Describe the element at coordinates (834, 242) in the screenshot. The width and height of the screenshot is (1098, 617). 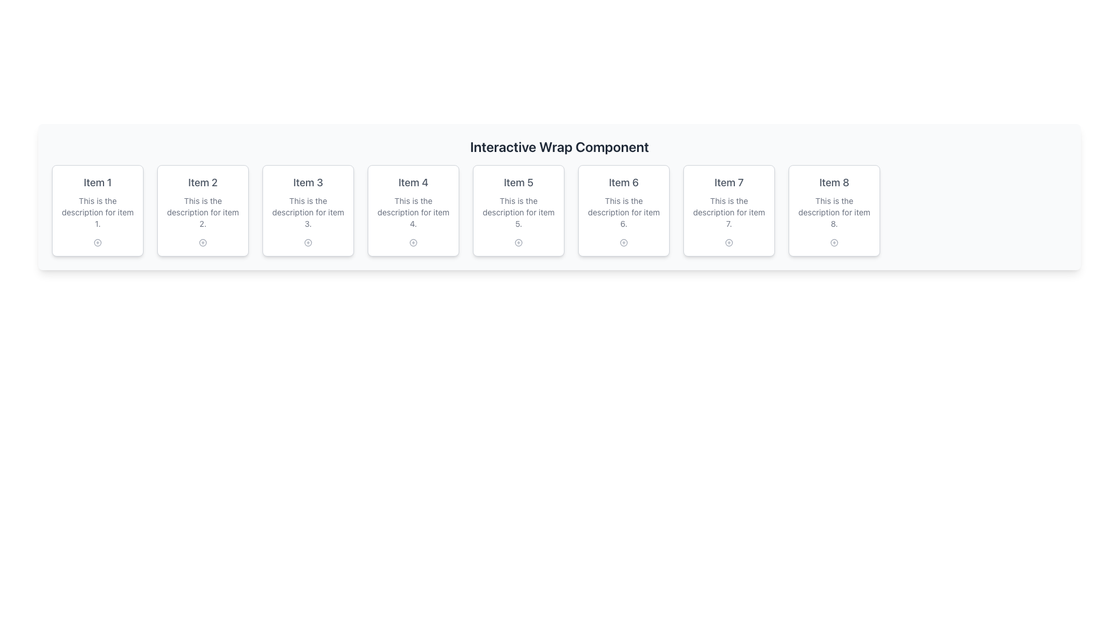
I see `the circular icon button with a plus sign inside it, located at the bottom center of the card labeled 'Item 8'` at that location.